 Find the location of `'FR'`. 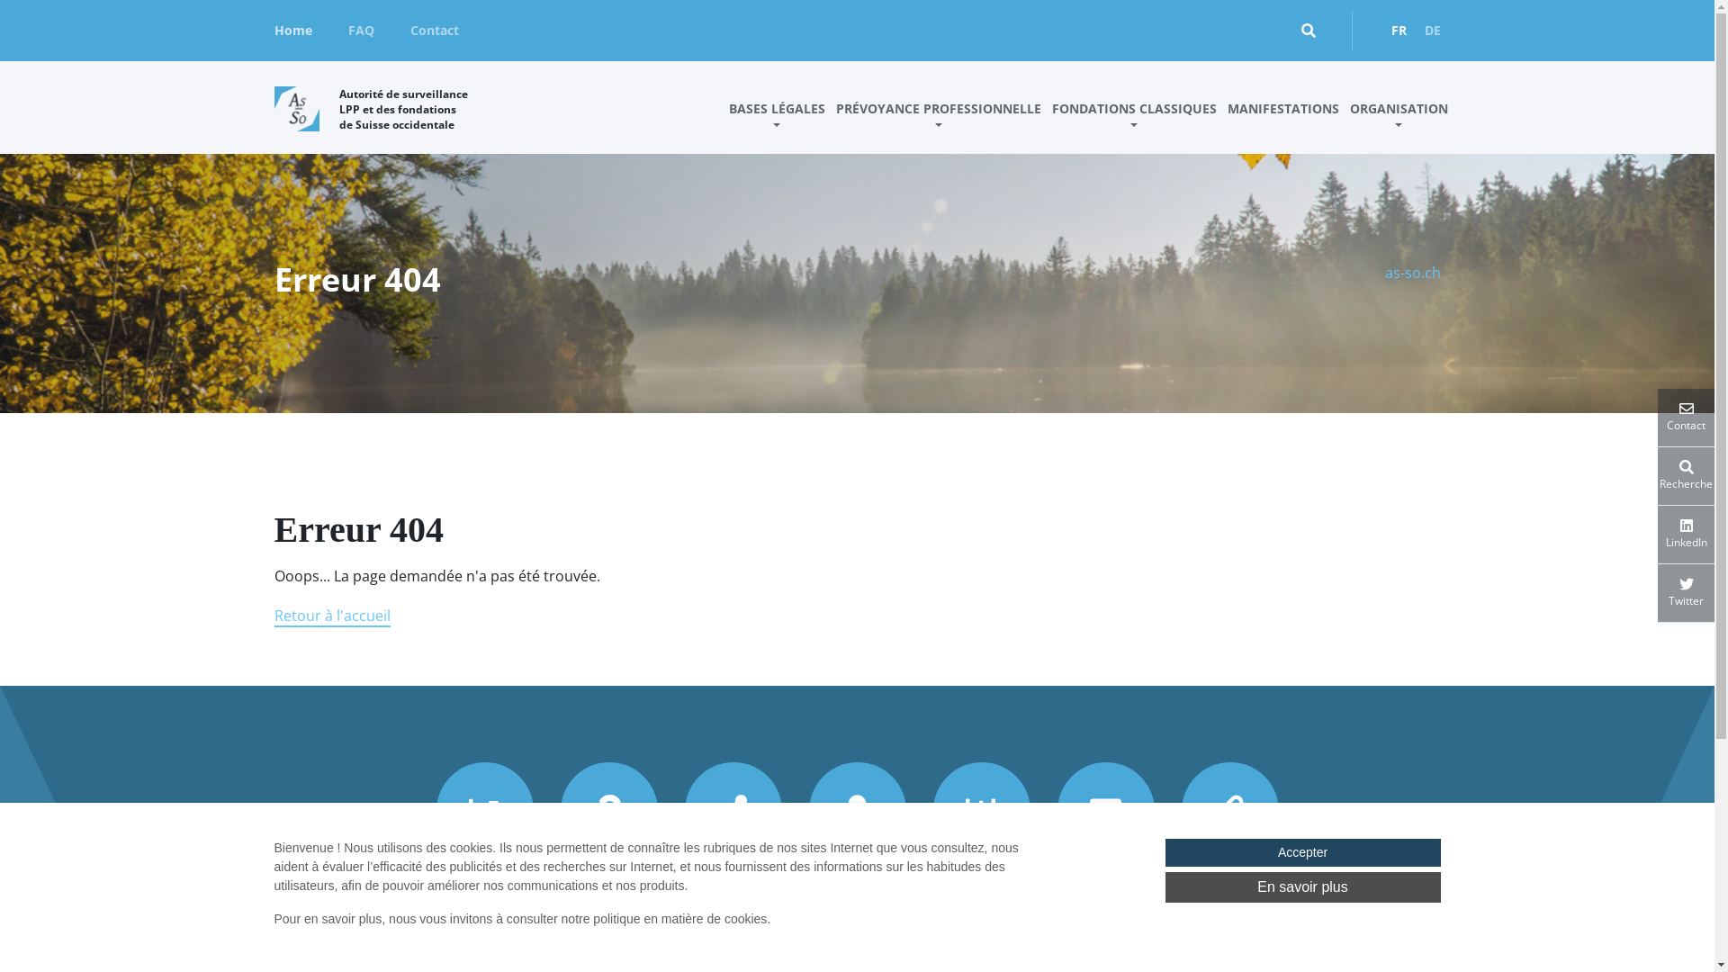

'FR' is located at coordinates (1398, 31).